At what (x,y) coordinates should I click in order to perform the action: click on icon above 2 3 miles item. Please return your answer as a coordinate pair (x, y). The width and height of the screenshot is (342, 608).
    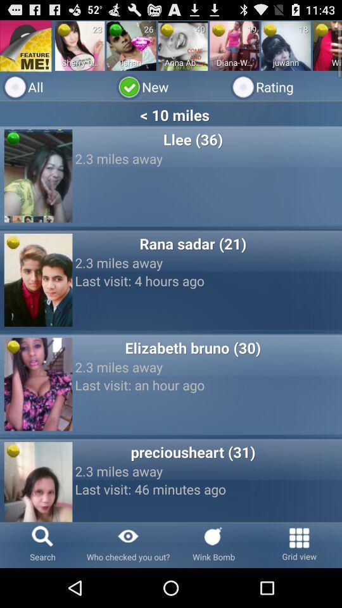
    Looking at the image, I should click on (192, 452).